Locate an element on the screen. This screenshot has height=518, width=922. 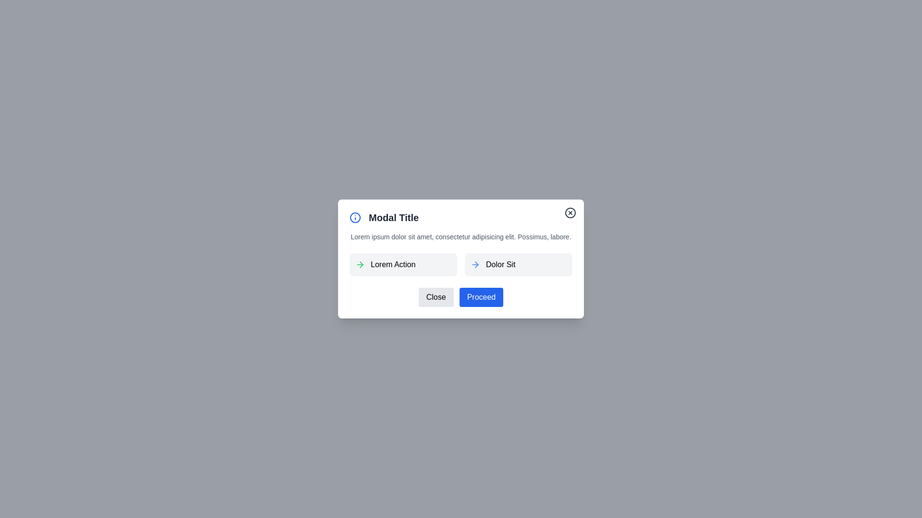
the informational icon located to the left of the 'Modal Title' in the modal header is located at coordinates (354, 218).